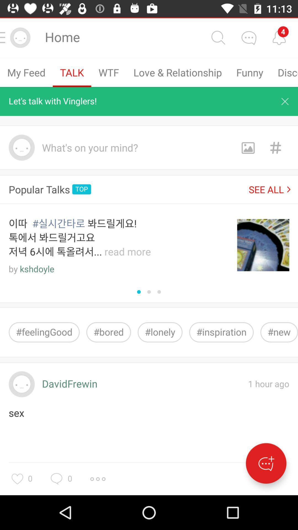  Describe the element at coordinates (108, 332) in the screenshot. I see `#bored` at that location.